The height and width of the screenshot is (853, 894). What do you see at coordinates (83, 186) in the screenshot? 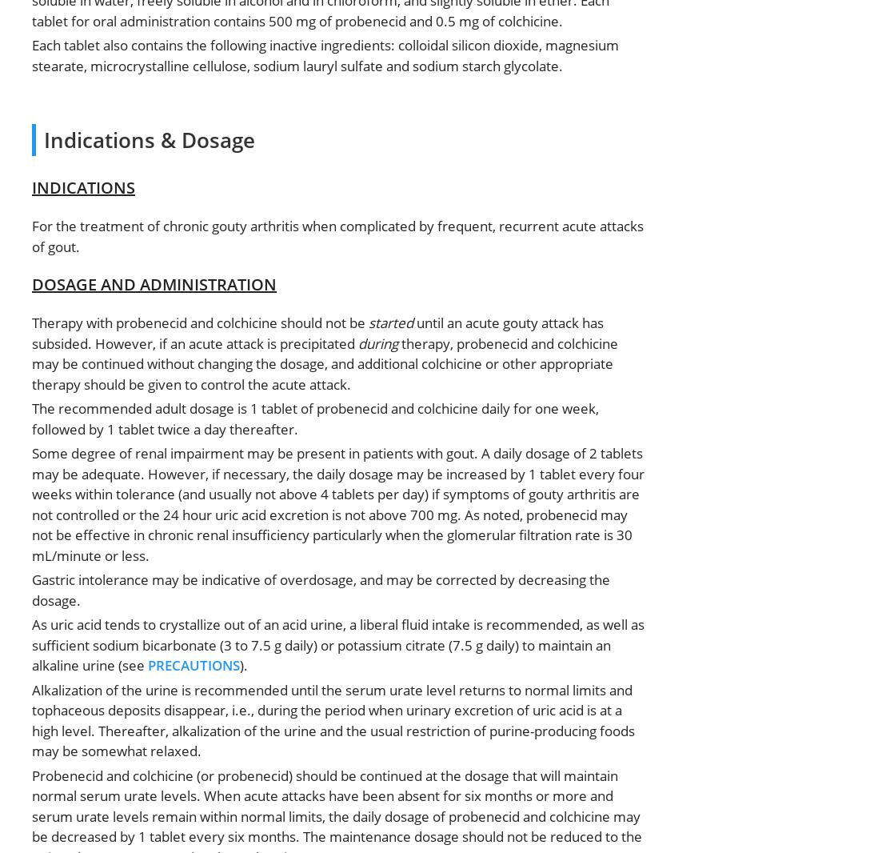
I see `'INDICATIONS'` at bounding box center [83, 186].